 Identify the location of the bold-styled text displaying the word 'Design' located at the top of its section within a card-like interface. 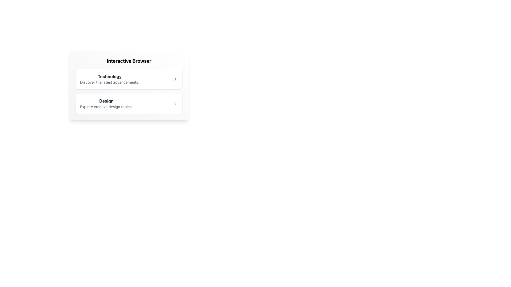
(106, 101).